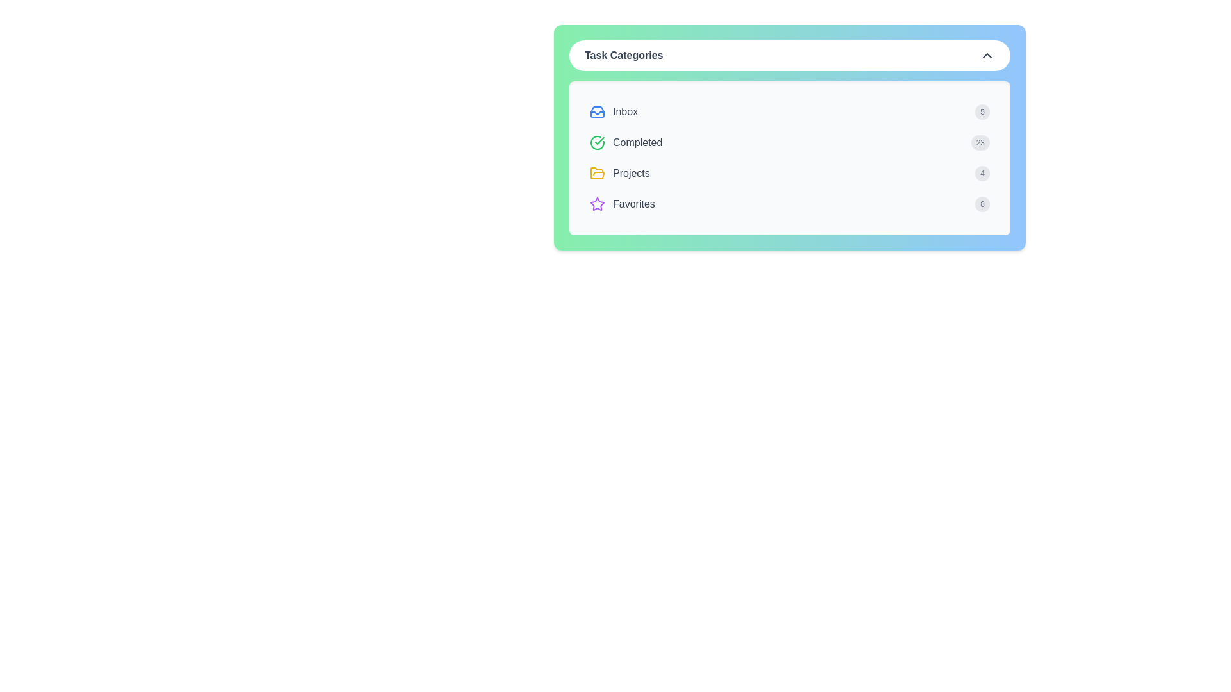  I want to click on keyboard navigation, so click(596, 173).